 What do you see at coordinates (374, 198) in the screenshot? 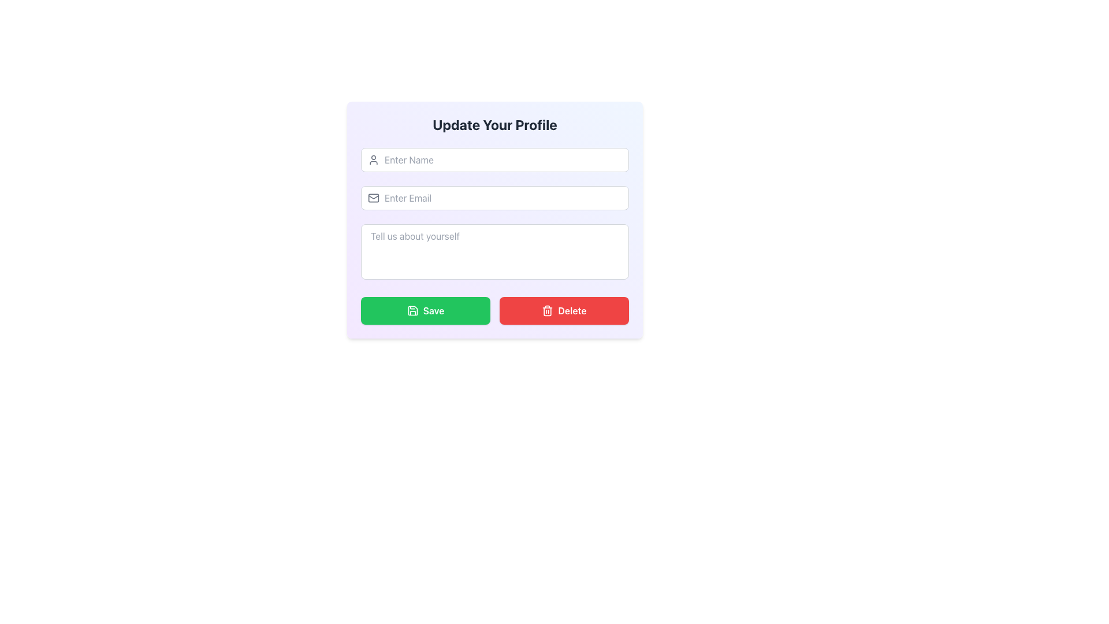
I see `the decorative email icon positioned to the far left of the 'Enter Email' text input field, which visually indicates the purpose of the input` at bounding box center [374, 198].